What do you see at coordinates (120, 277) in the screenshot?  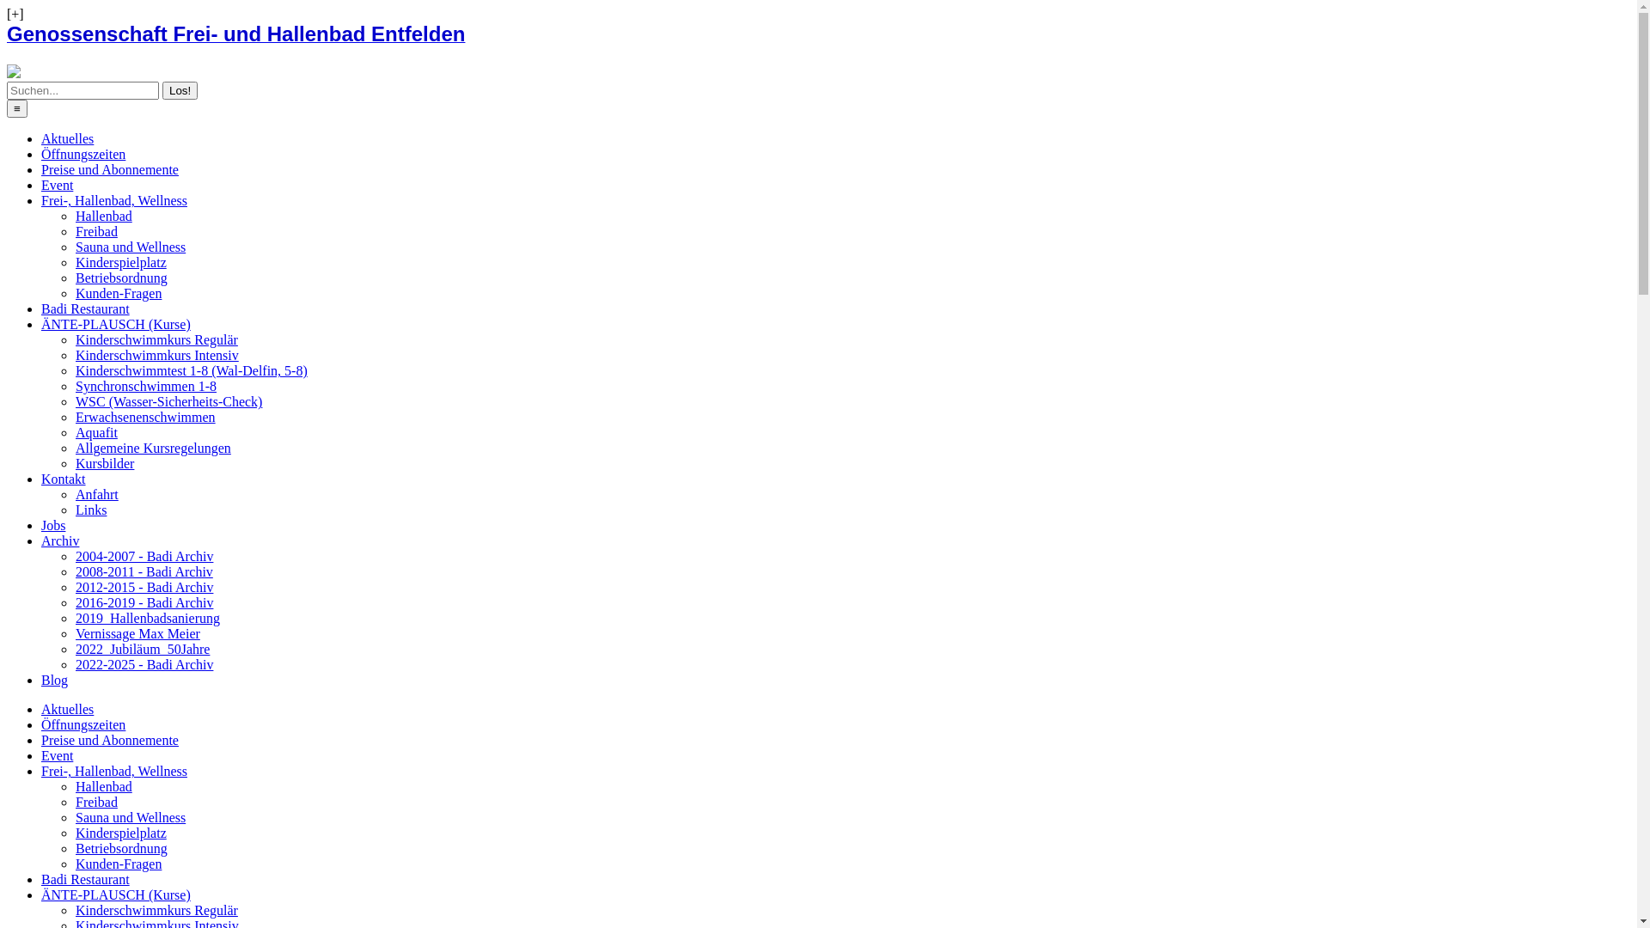 I see `'Betriebsordnung'` at bounding box center [120, 277].